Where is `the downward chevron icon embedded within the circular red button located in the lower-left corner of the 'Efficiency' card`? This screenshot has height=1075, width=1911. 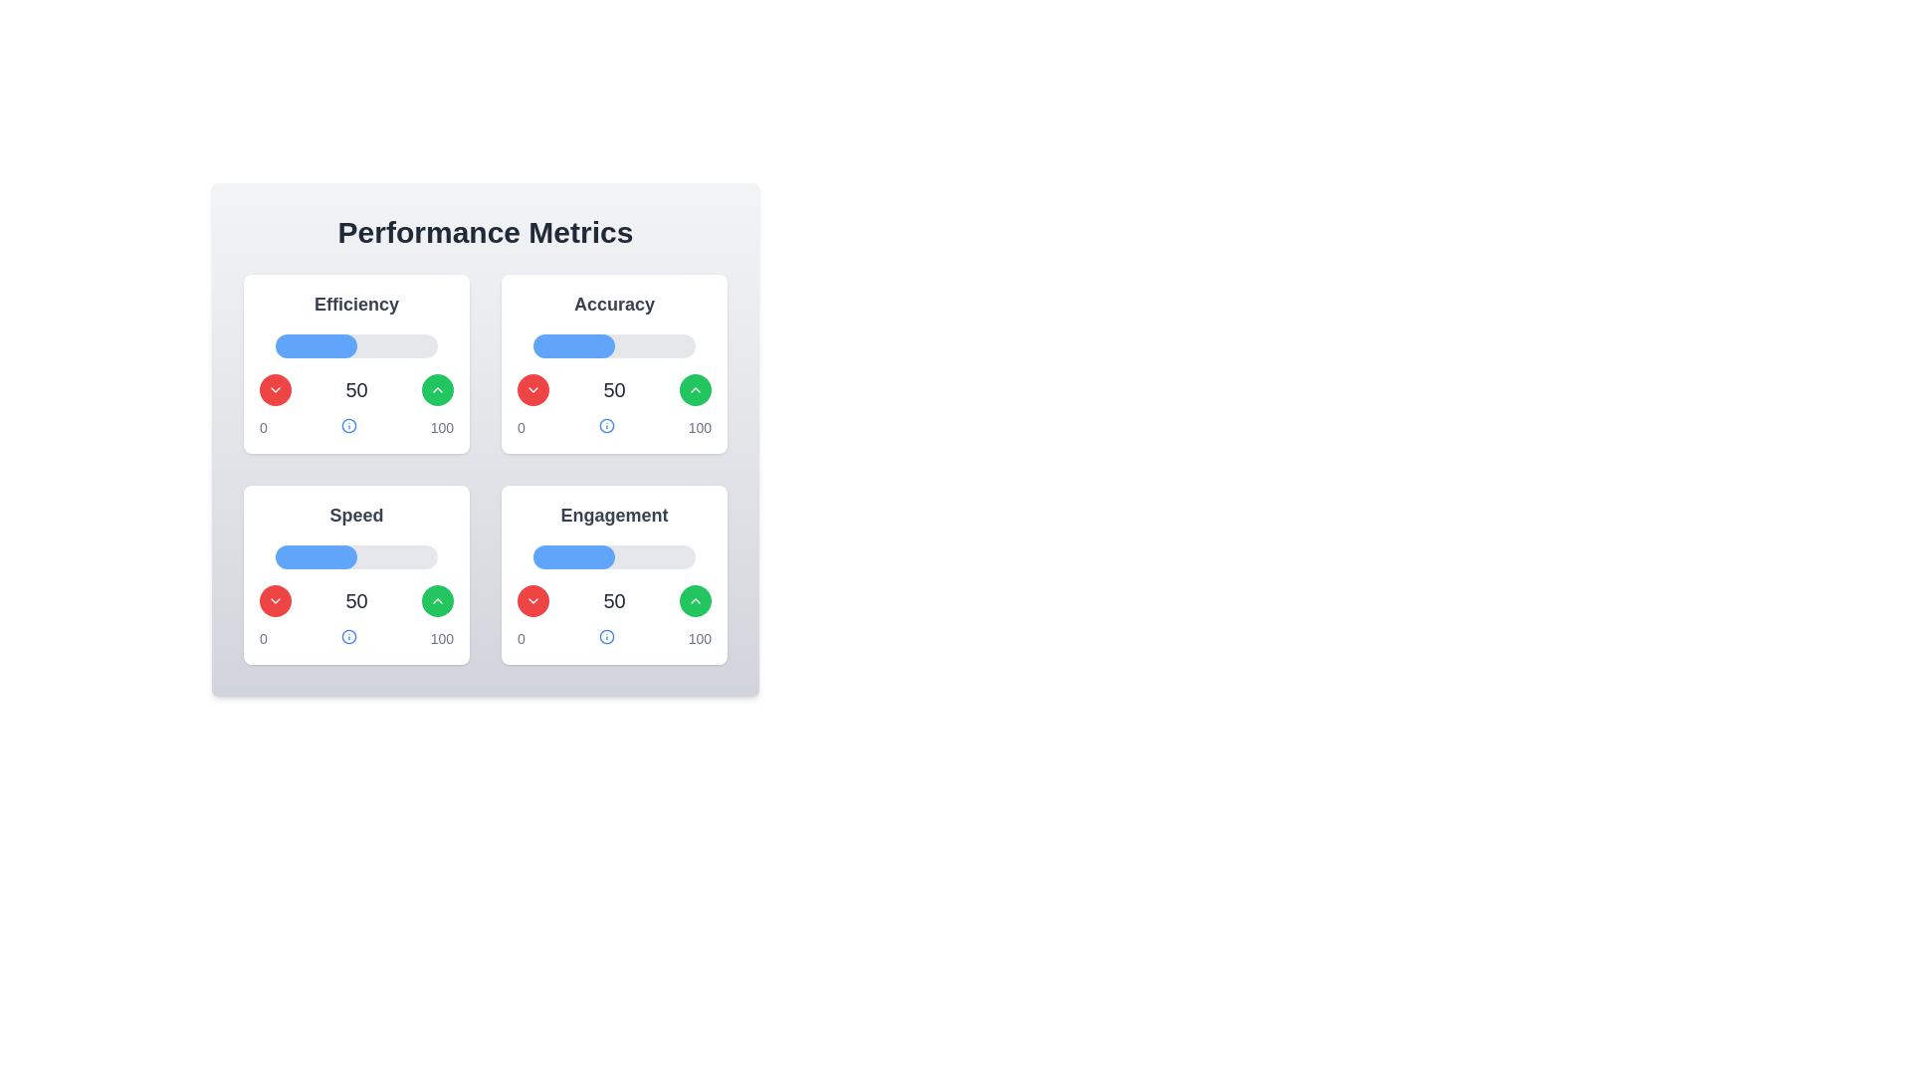 the downward chevron icon embedded within the circular red button located in the lower-left corner of the 'Efficiency' card is located at coordinates (275, 390).